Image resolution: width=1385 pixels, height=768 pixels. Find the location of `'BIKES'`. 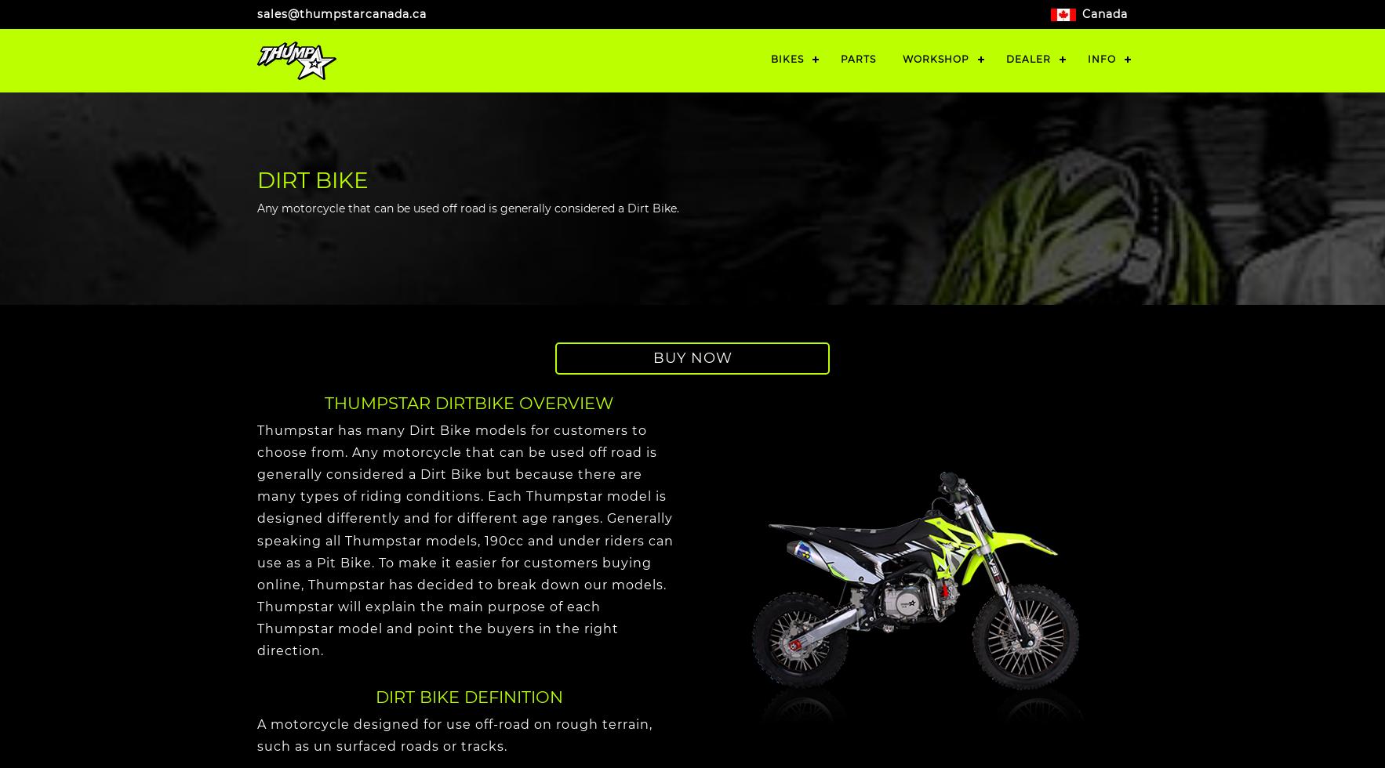

'BIKES' is located at coordinates (786, 59).